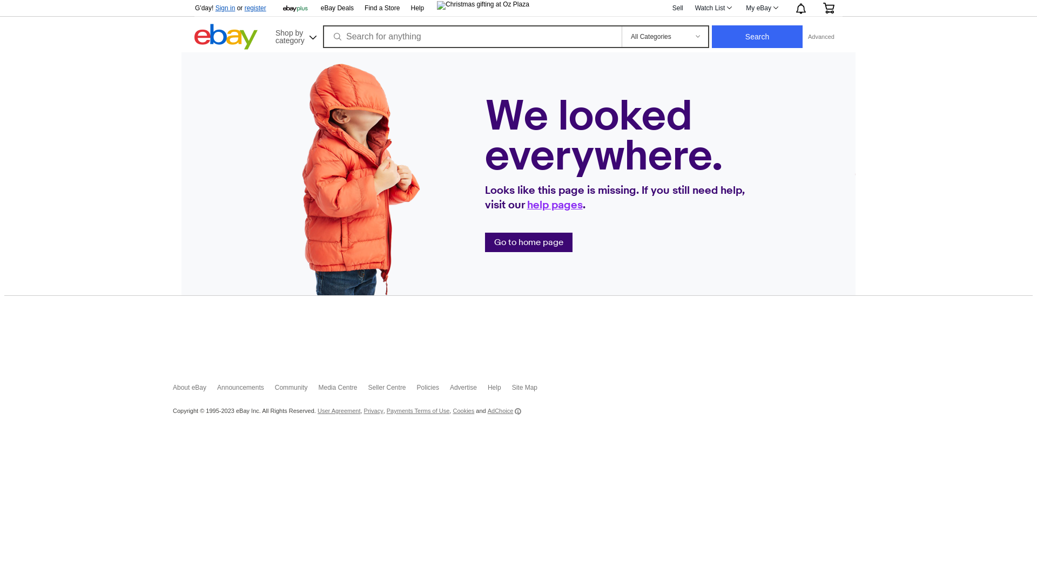 The image size is (1037, 583). What do you see at coordinates (373, 411) in the screenshot?
I see `'Privacy'` at bounding box center [373, 411].